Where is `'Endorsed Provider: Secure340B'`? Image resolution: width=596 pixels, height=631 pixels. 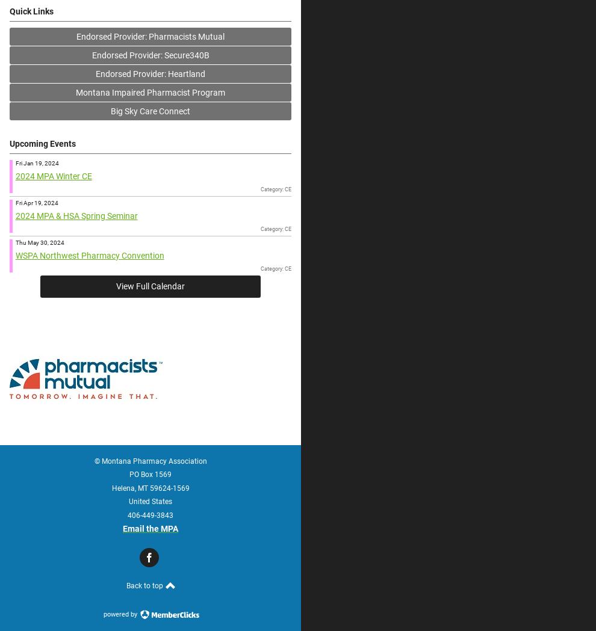 'Endorsed Provider: Secure340B' is located at coordinates (91, 54).